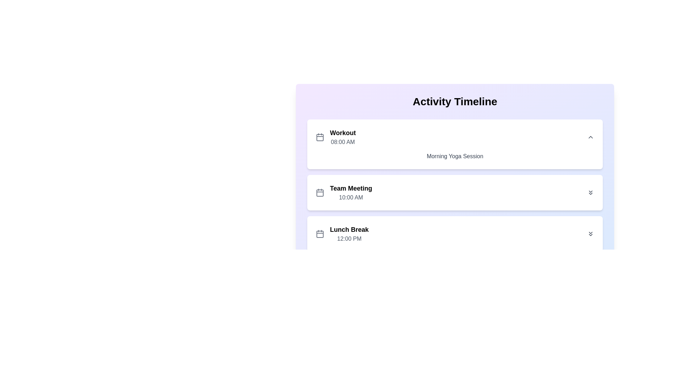 Image resolution: width=682 pixels, height=384 pixels. Describe the element at coordinates (455, 156) in the screenshot. I see `the text label displaying 'Morning Yoga Session', which is styled in a medium-sized sans-serif font in gray color, located within a white card beneath the '08:00 AM' time indicator` at that location.